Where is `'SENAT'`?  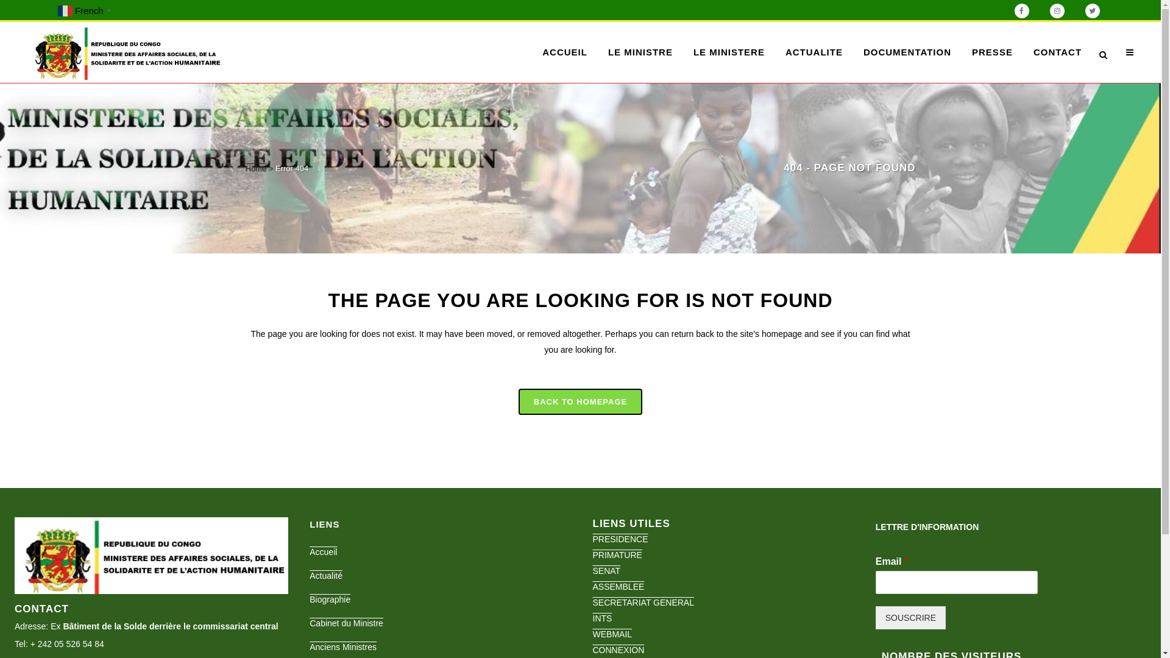 'SENAT' is located at coordinates (592, 571).